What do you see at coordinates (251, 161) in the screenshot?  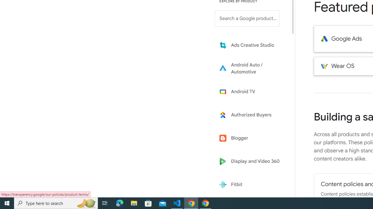 I see `'Display and Video 360'` at bounding box center [251, 161].